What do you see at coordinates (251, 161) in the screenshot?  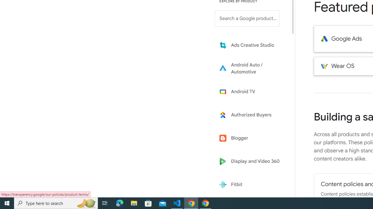 I see `'Display and Video 360'` at bounding box center [251, 161].